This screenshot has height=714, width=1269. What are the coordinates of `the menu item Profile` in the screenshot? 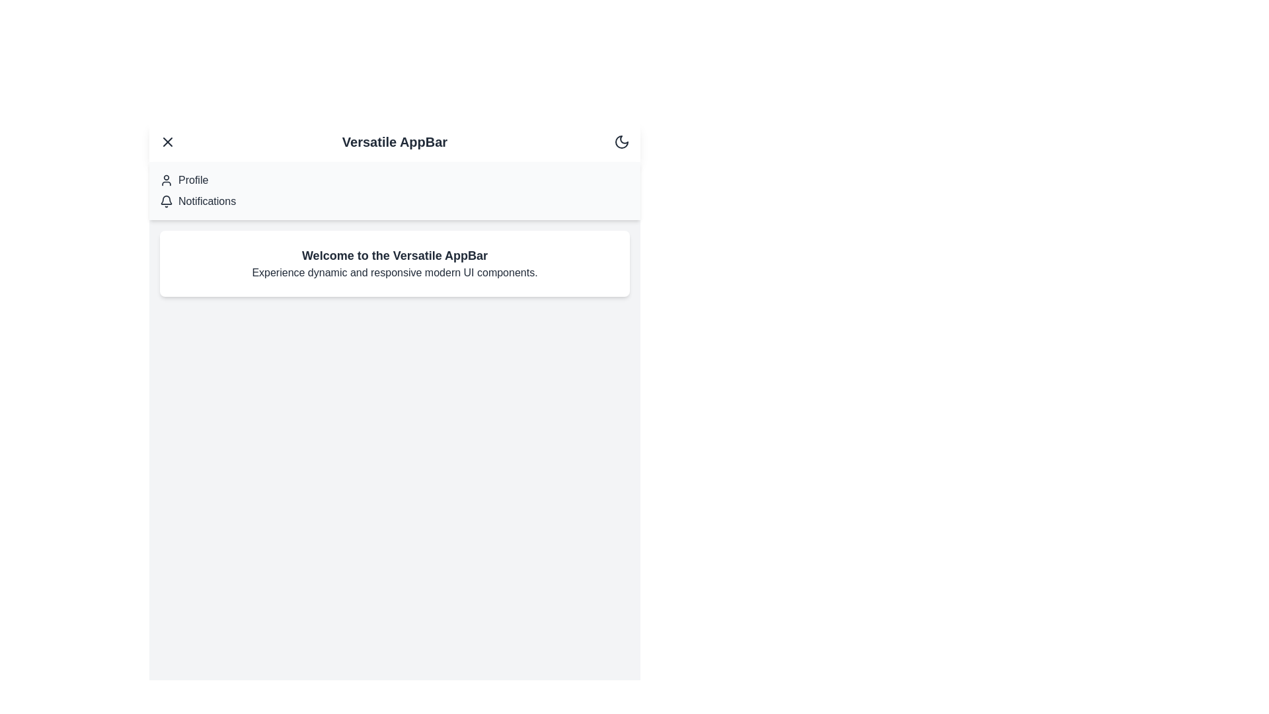 It's located at (167, 180).